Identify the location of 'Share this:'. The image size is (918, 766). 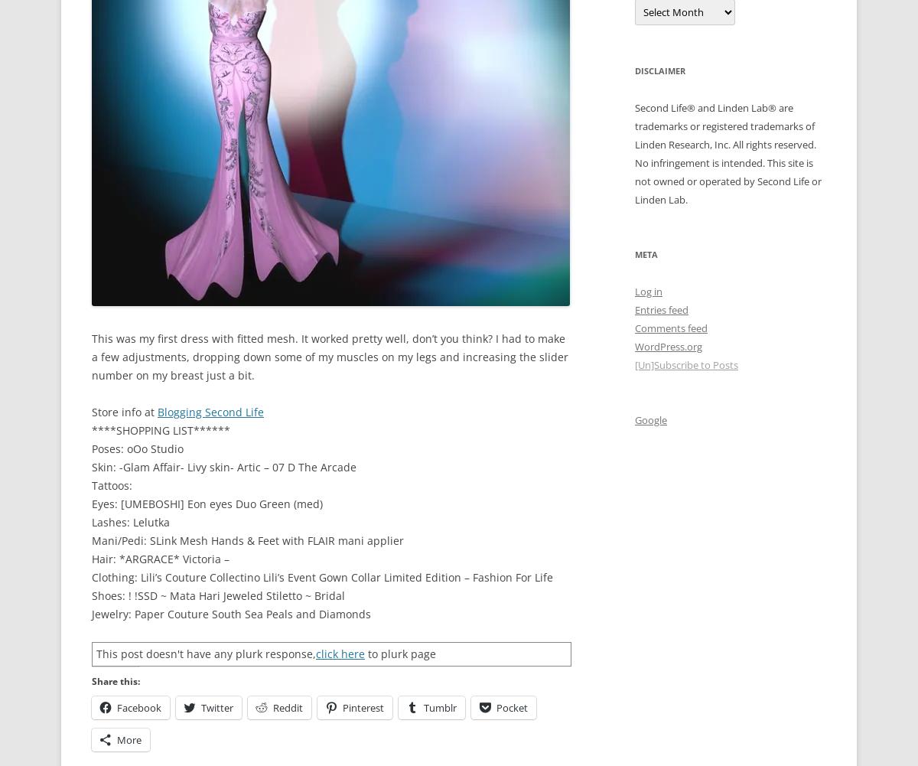
(115, 680).